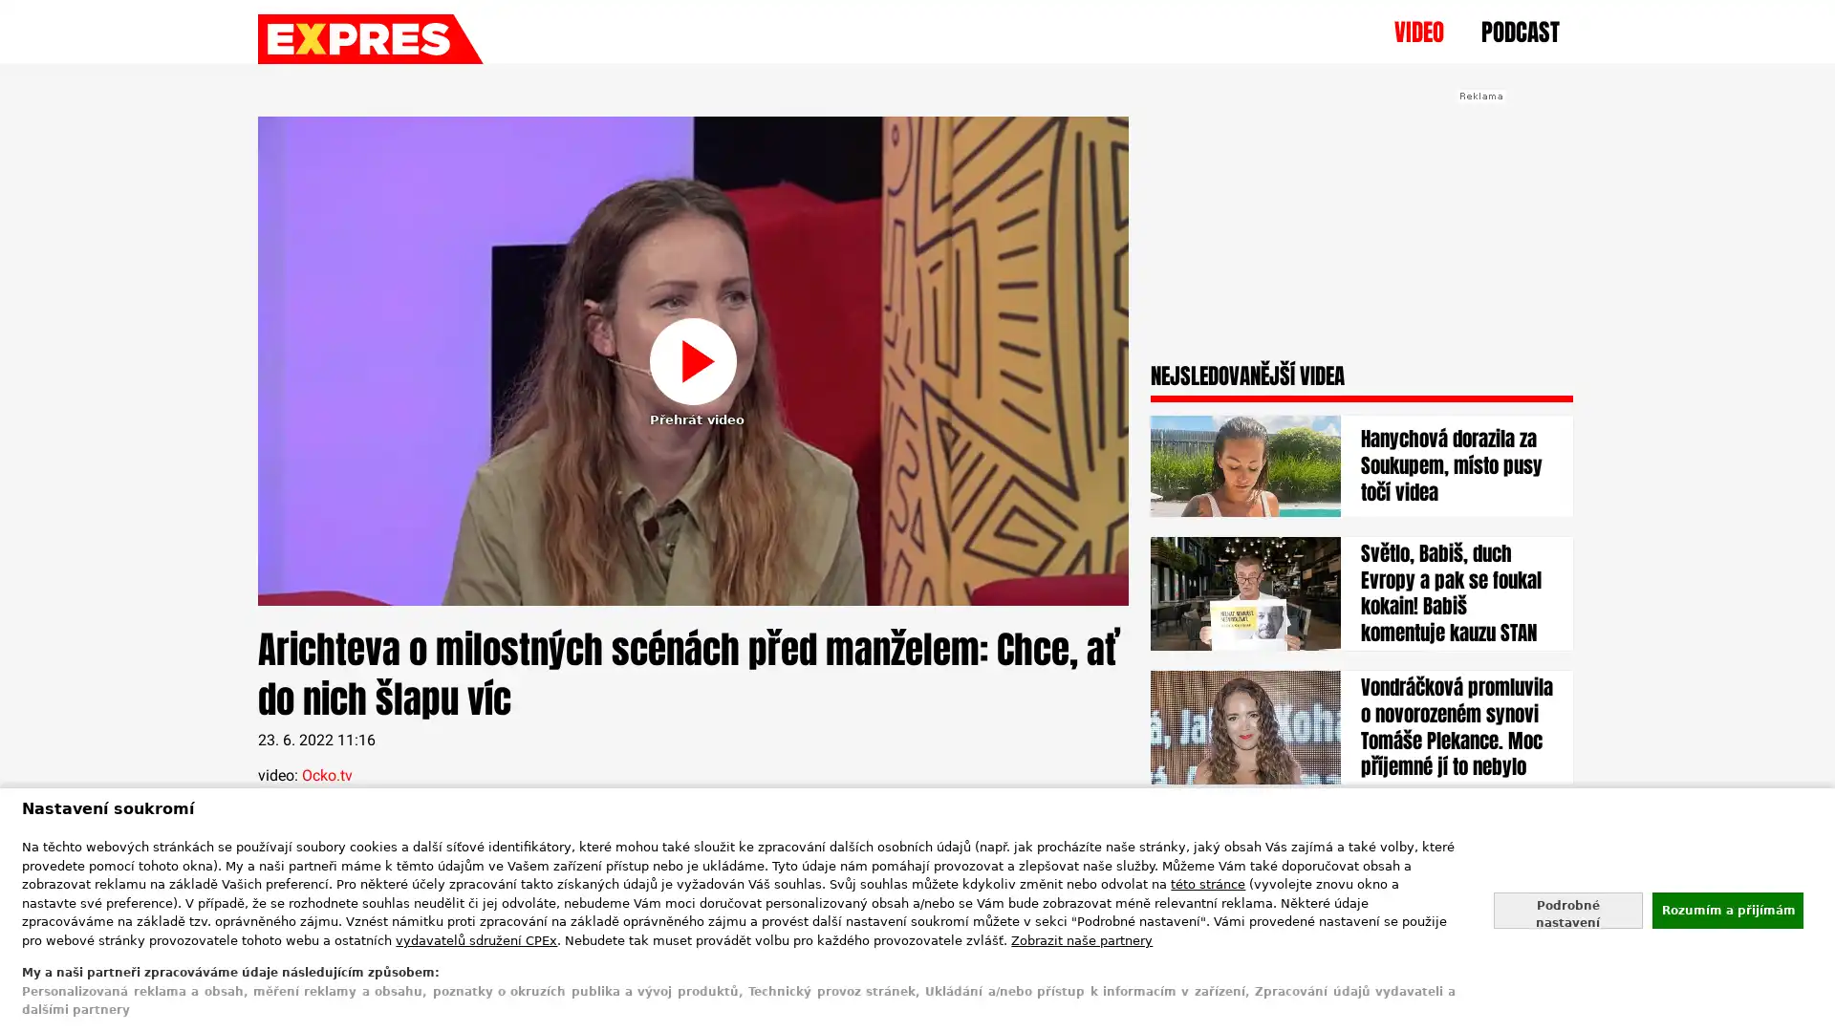 This screenshot has width=1835, height=1032. Describe the element at coordinates (1726, 909) in the screenshot. I see `Souhlasit s nasim zpracovanim udaju a zavrit` at that location.